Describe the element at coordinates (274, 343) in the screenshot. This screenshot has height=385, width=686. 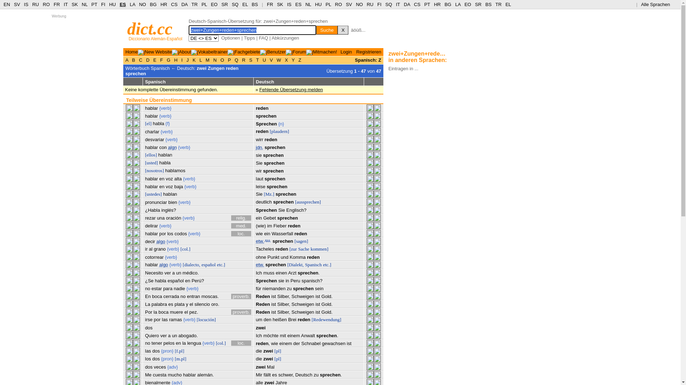
I see `'wie'` at that location.